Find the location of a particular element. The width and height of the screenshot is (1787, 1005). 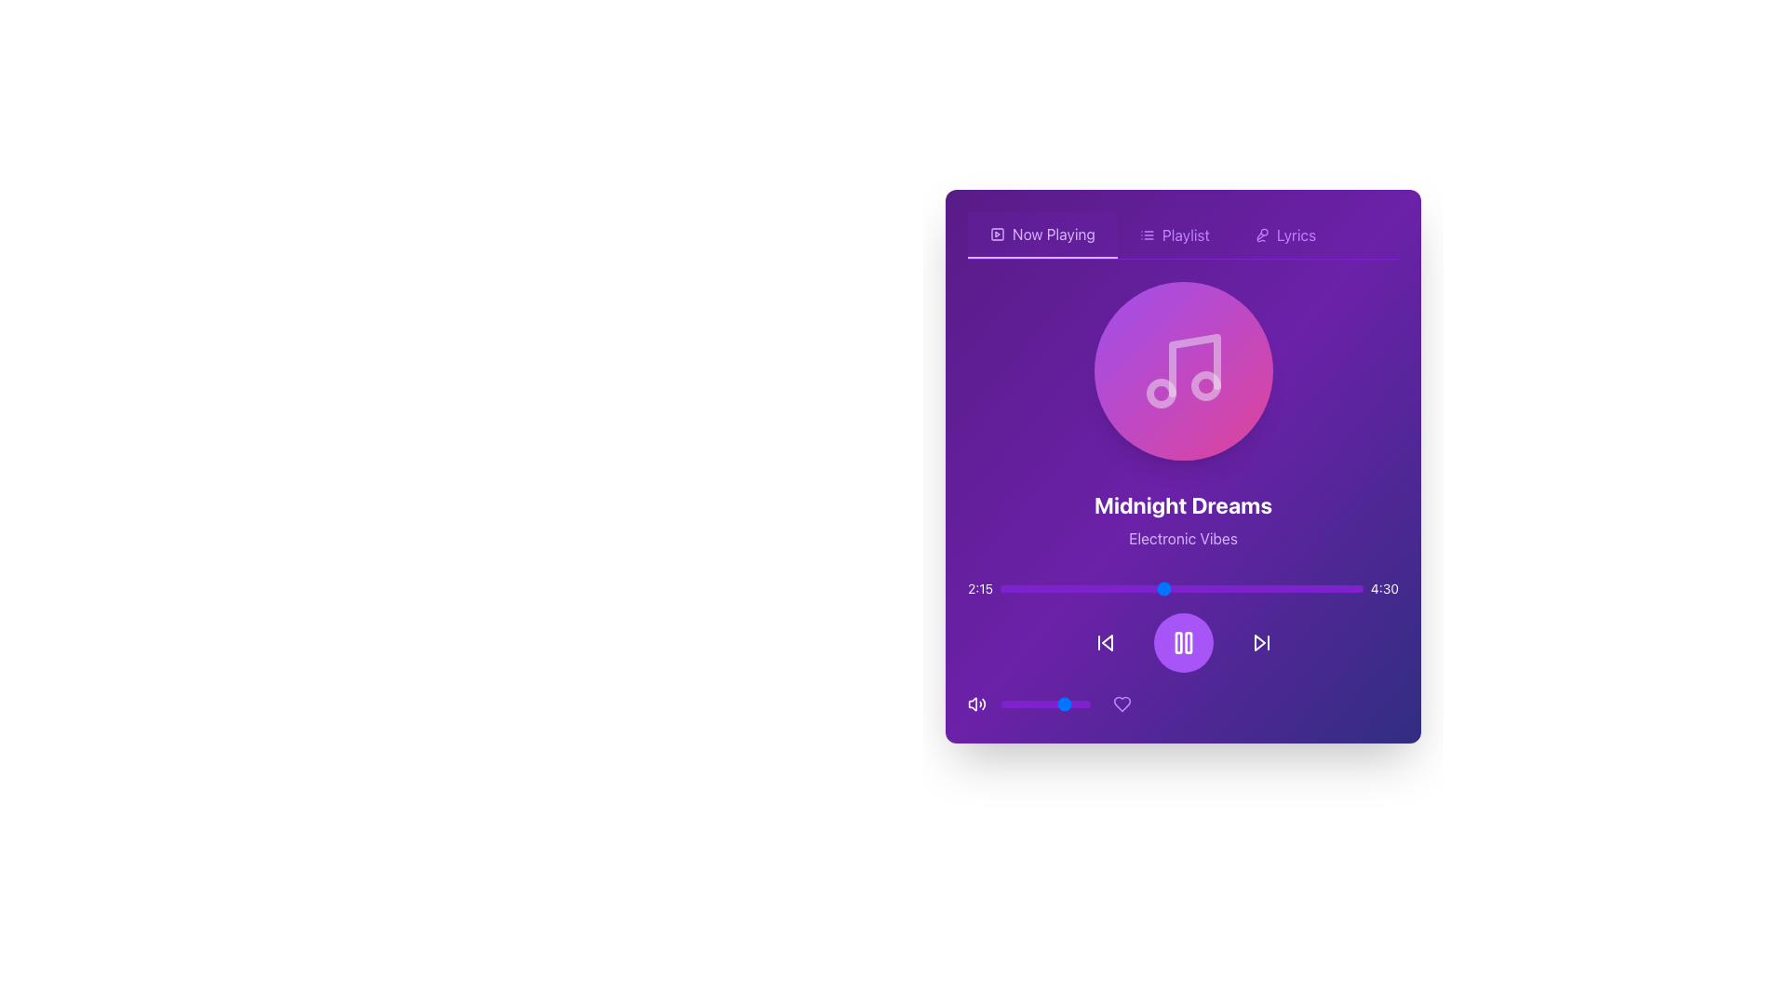

the 'Playlist' button in the navigation header of the music player interface is located at coordinates (1182, 234).